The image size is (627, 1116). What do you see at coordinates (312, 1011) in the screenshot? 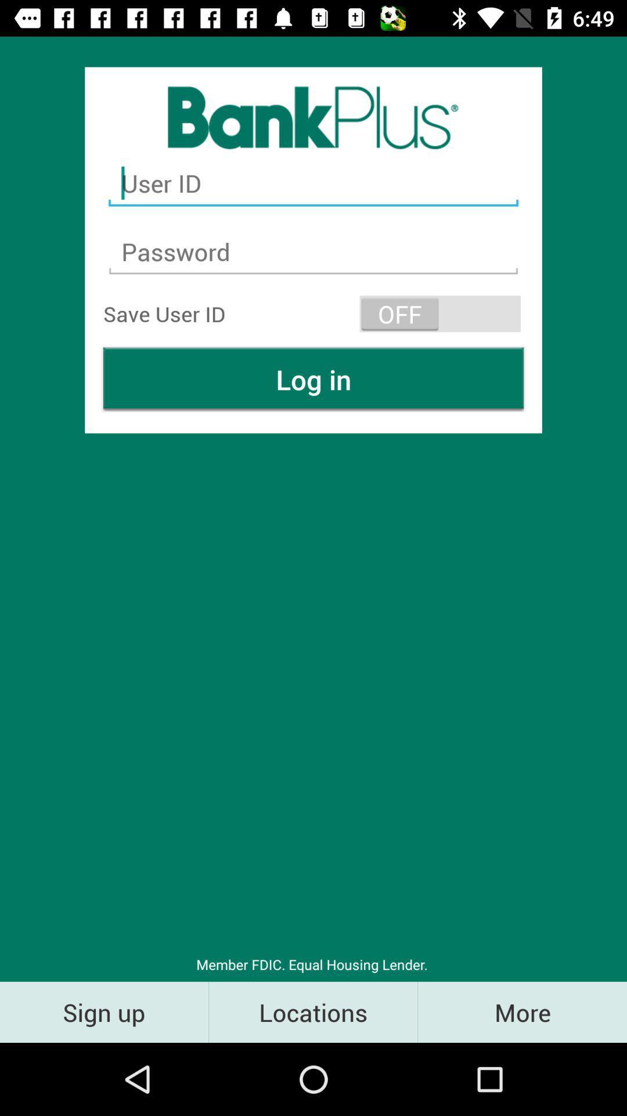
I see `item next to sign up` at bounding box center [312, 1011].